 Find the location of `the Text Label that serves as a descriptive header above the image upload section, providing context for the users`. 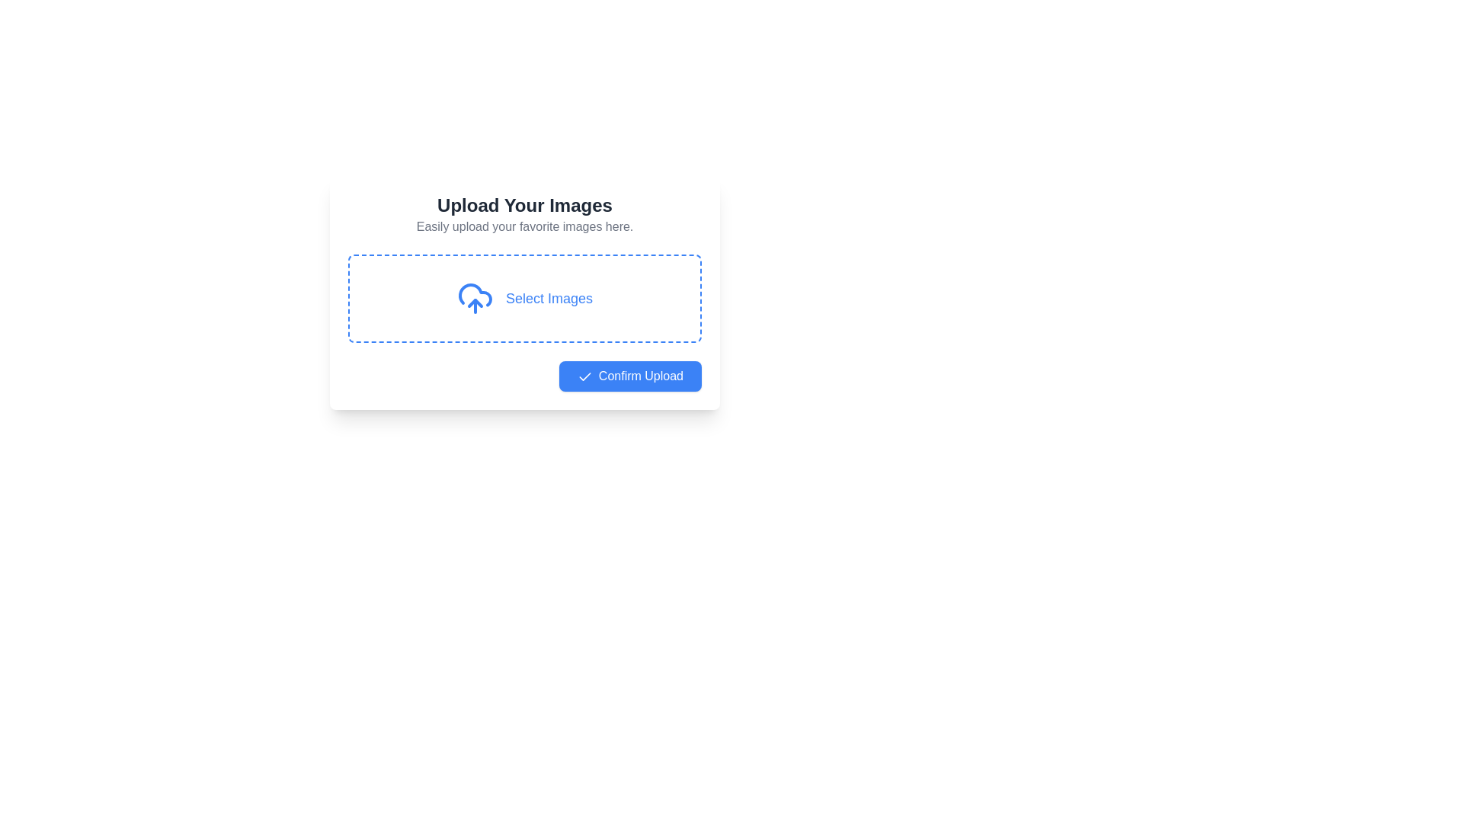

the Text Label that serves as a descriptive header above the image upload section, providing context for the users is located at coordinates (525, 206).